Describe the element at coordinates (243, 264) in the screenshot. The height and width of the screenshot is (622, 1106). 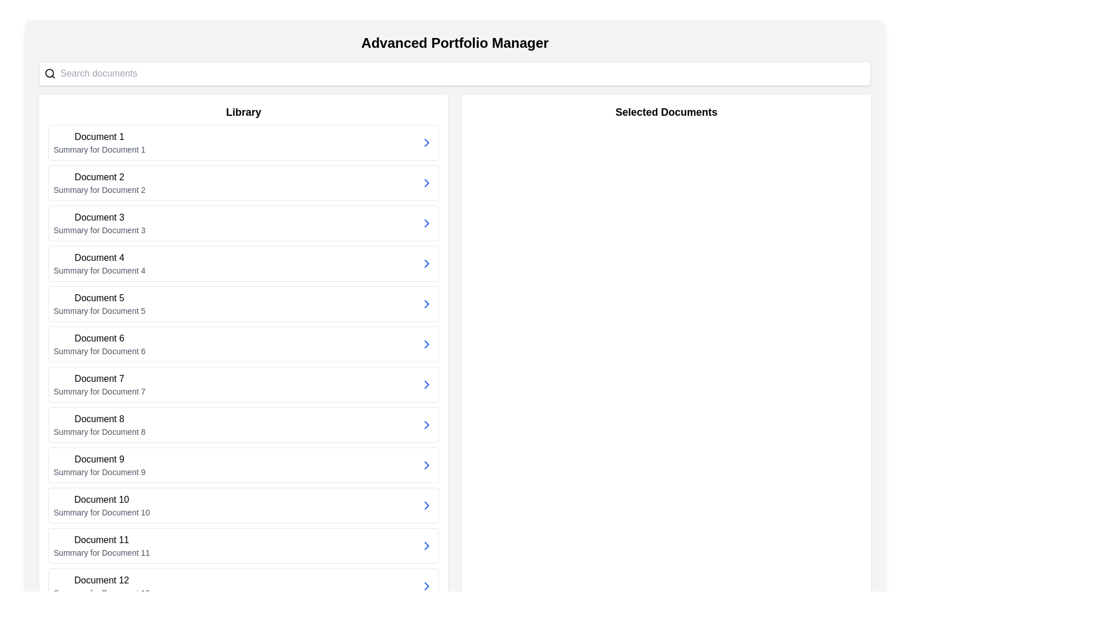
I see `the list item titled 'Document 4'` at that location.